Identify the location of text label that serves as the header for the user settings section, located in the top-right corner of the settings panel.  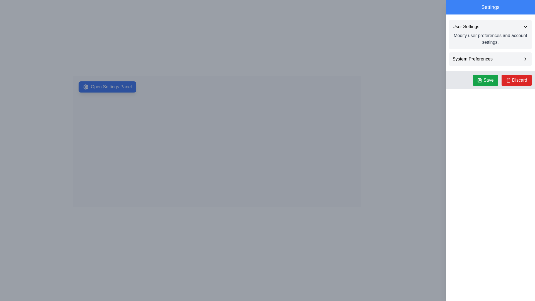
(466, 27).